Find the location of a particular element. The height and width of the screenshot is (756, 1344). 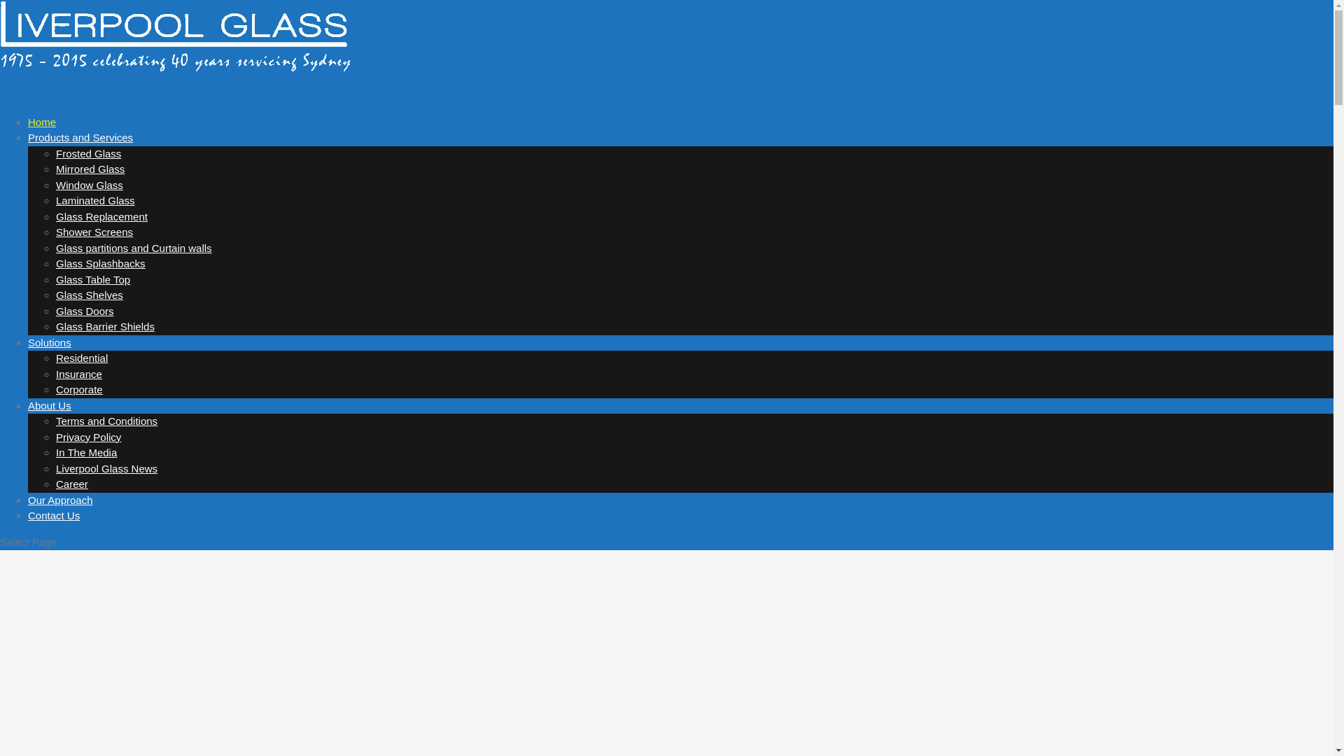

'Frosted Glass' is located at coordinates (87, 153).